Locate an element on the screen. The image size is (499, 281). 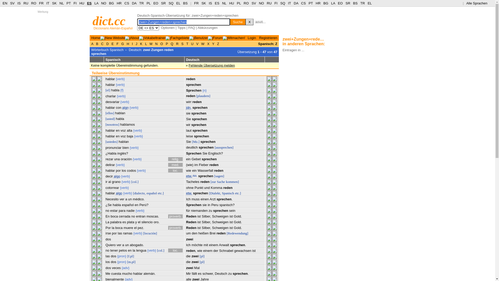
'para' is located at coordinates (122, 210).